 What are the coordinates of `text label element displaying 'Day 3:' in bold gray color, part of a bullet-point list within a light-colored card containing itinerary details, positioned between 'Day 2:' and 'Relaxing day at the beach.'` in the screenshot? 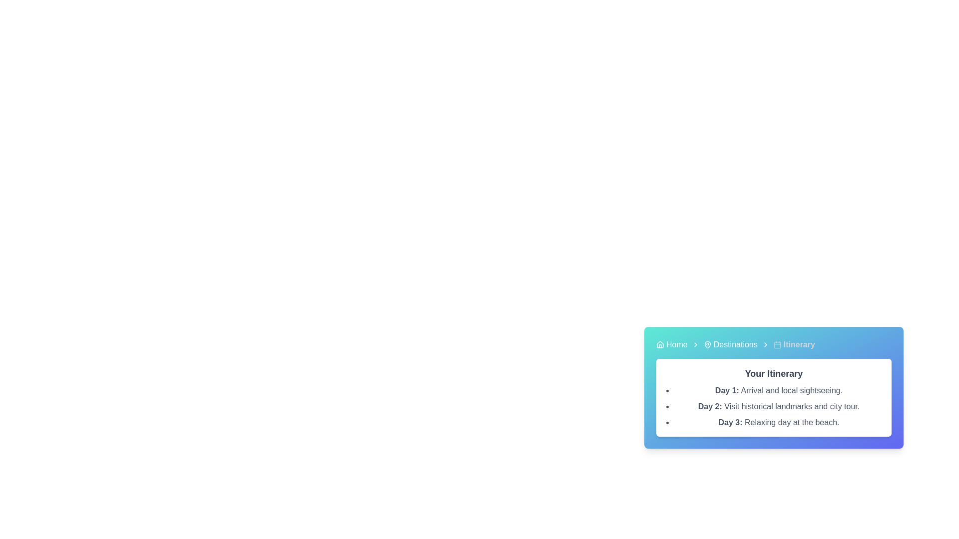 It's located at (730, 422).